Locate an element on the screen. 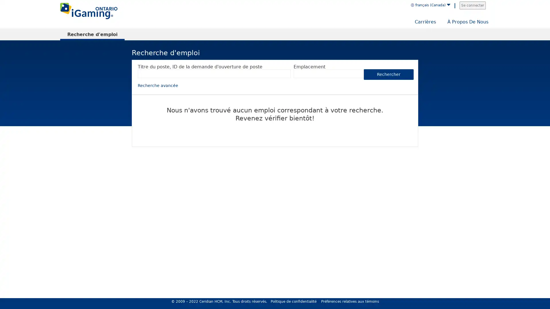  Refuser is located at coordinates (494, 291).